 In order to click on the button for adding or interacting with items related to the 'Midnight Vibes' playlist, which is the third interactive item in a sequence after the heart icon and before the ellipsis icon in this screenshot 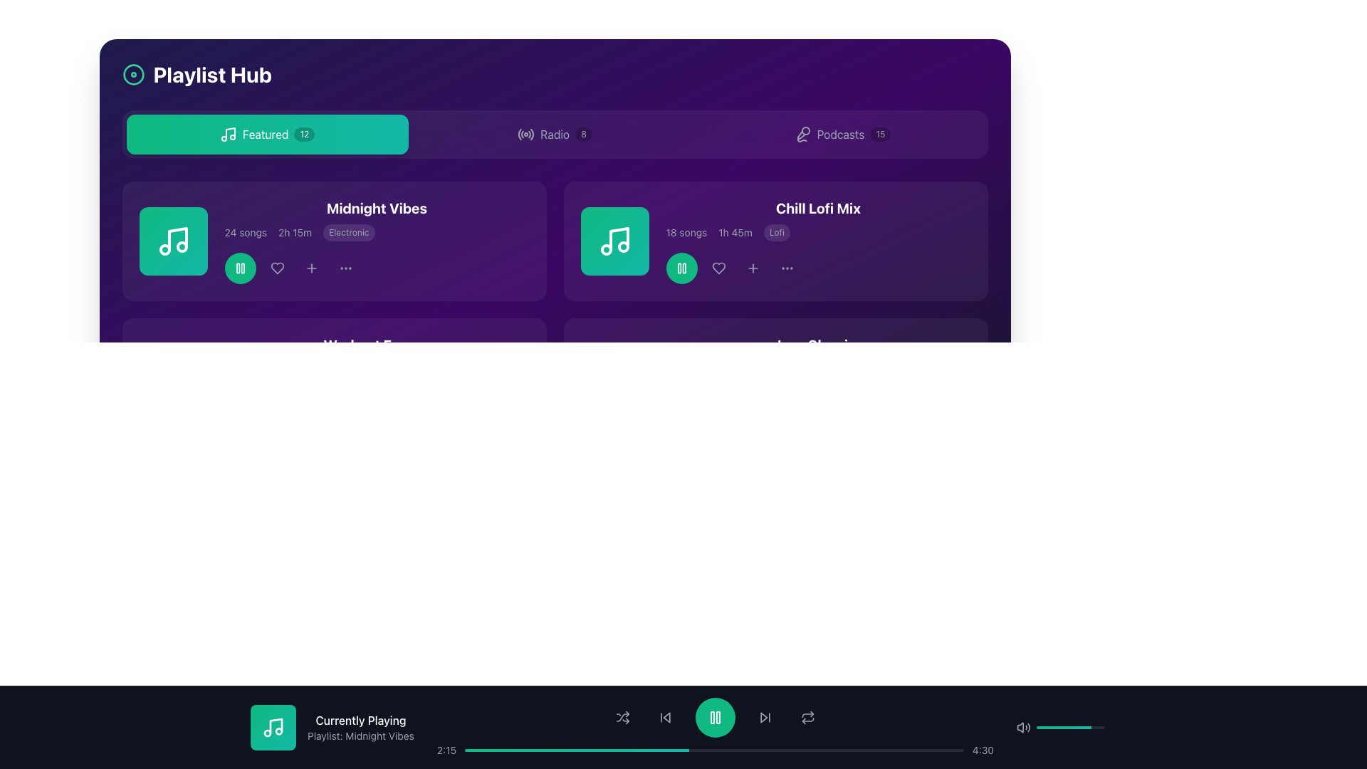, I will do `click(310, 268)`.